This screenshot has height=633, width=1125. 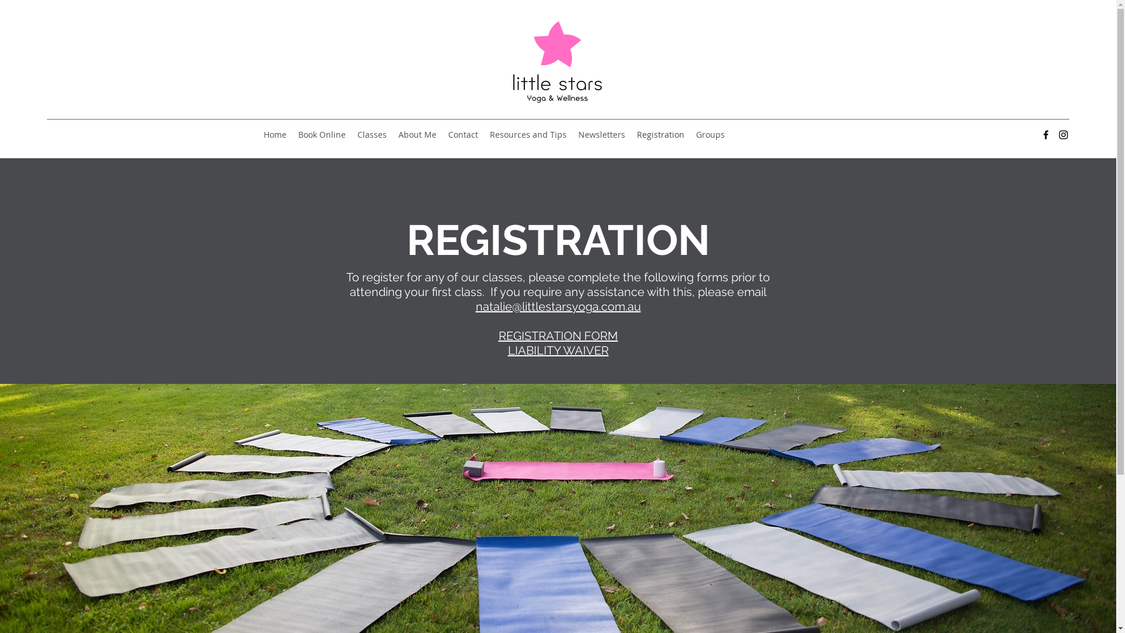 I want to click on 'LIABILITY WAIVER', so click(x=557, y=349).